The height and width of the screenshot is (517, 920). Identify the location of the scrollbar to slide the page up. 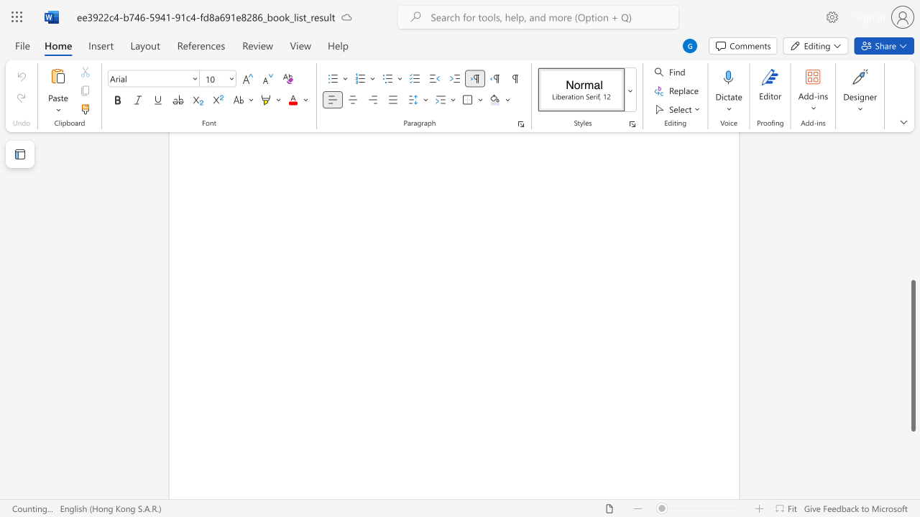
(912, 223).